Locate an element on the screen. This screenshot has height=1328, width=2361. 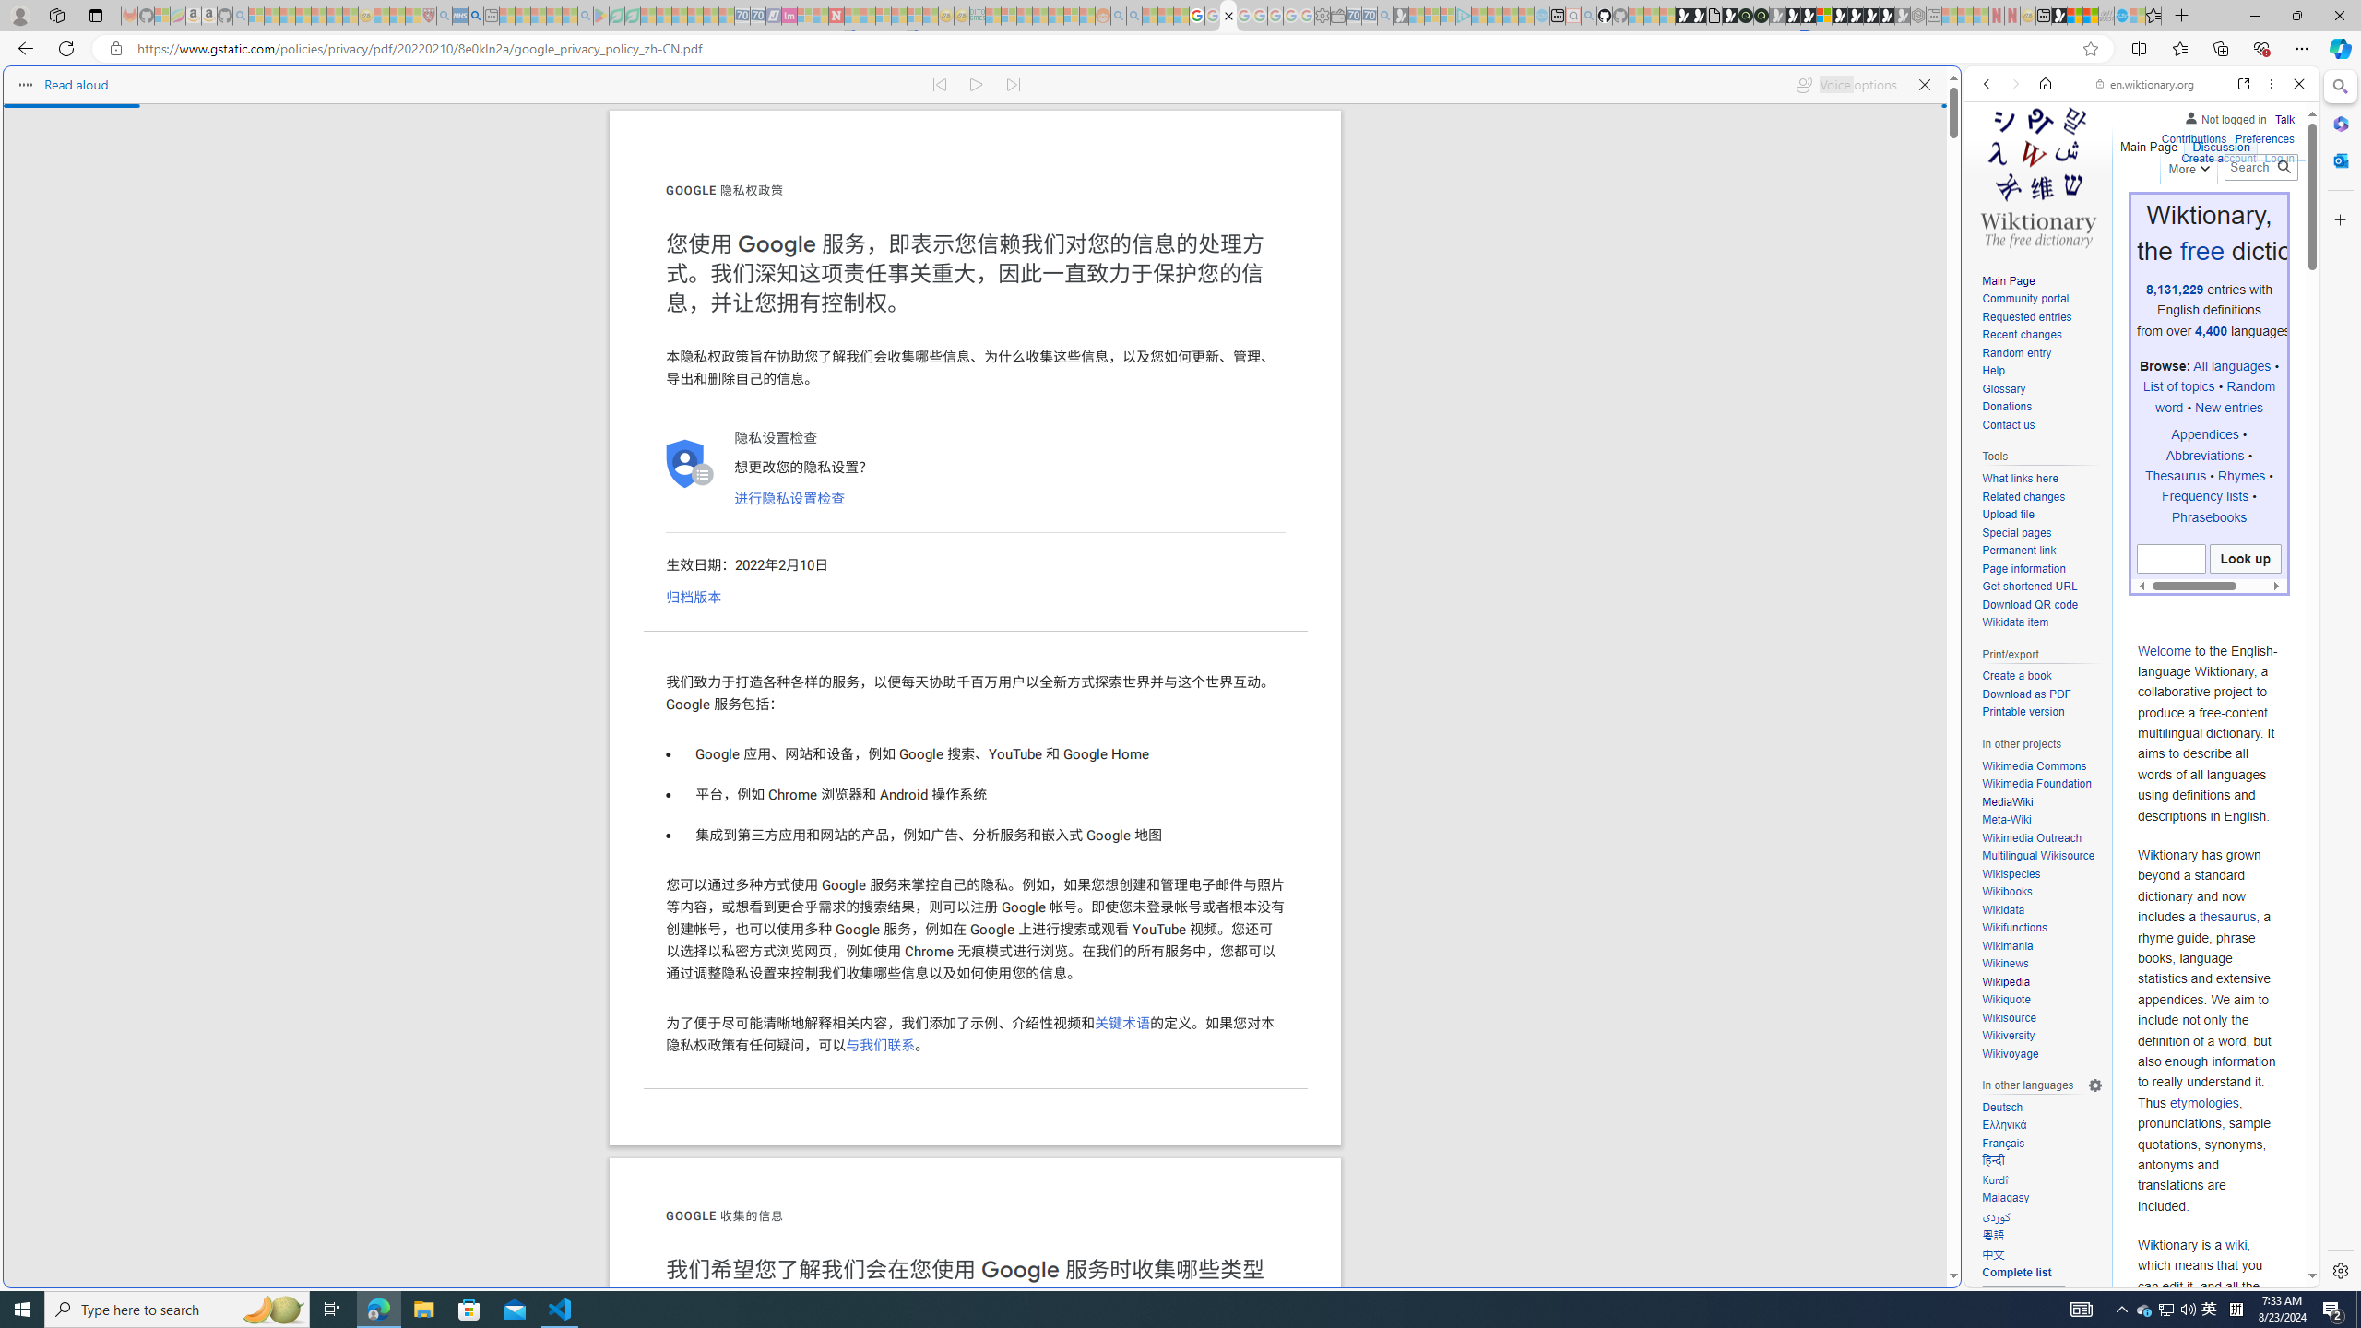
'Wikiversity' is located at coordinates (2041, 1036).